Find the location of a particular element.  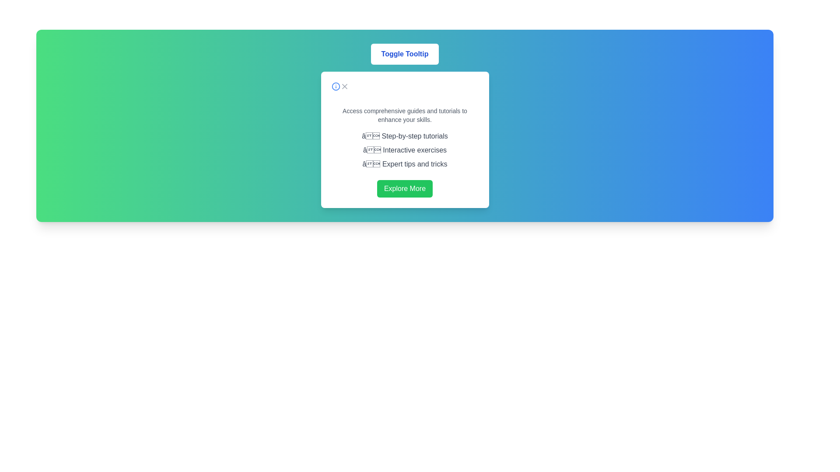

the informational icon located in the top-left area of the modal dialogue, positioned to the left of the 'X' close button is located at coordinates (335, 86).